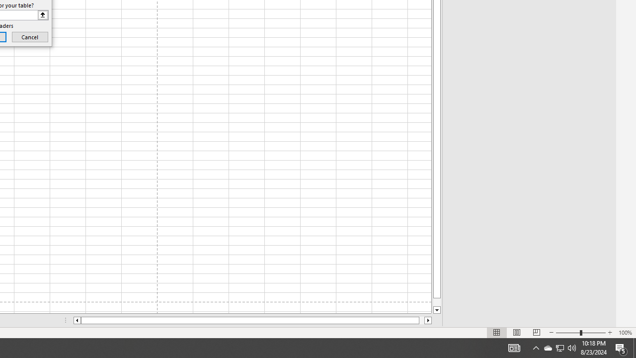 This screenshot has width=636, height=358. Describe the element at coordinates (580, 333) in the screenshot. I see `'Zoom'` at that location.